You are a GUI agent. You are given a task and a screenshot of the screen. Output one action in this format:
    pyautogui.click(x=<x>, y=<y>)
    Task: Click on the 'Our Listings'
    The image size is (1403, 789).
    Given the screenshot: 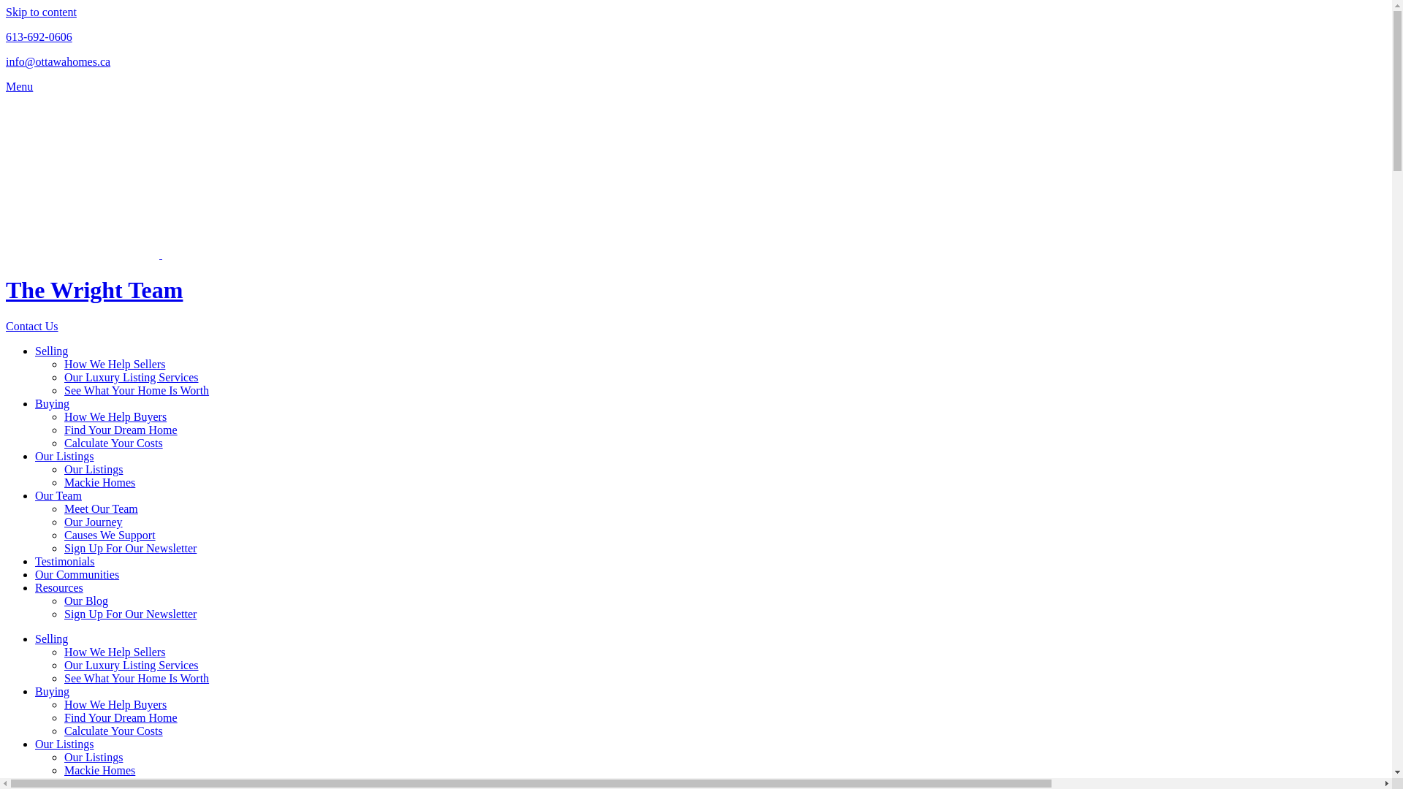 What is the action you would take?
    pyautogui.click(x=63, y=455)
    